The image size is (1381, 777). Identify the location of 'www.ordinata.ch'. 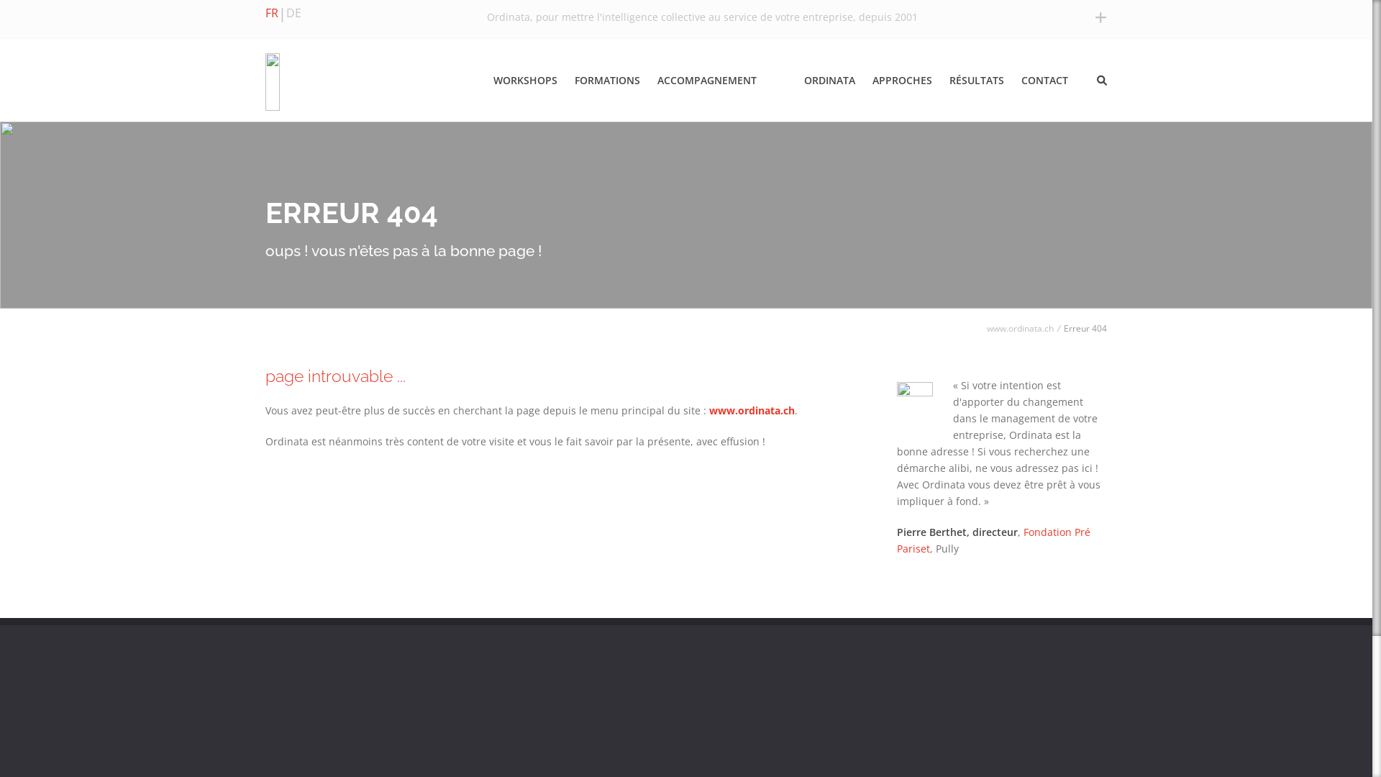
(708, 410).